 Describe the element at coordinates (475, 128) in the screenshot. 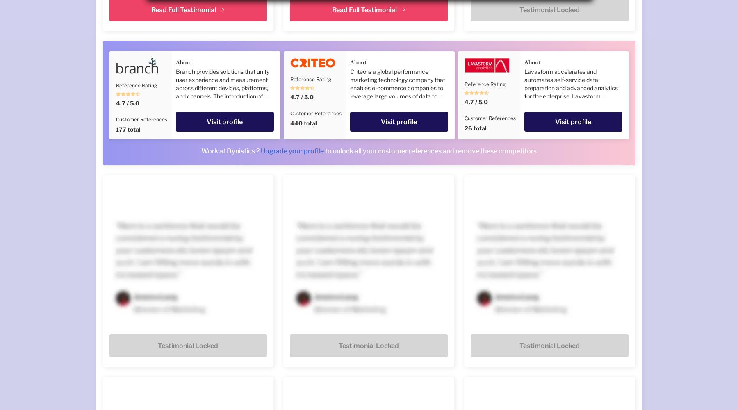

I see `'26 total'` at that location.